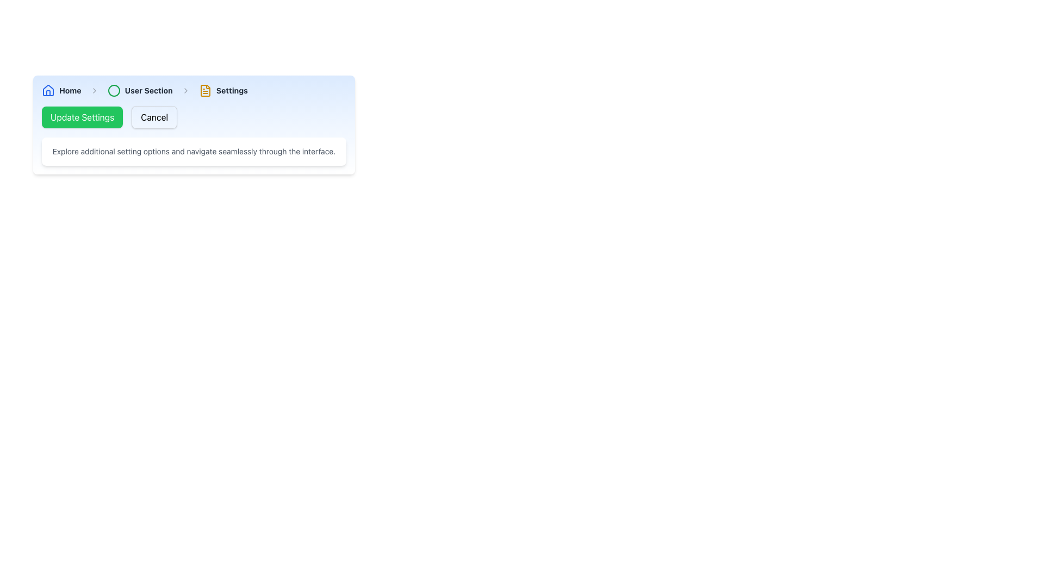 The width and height of the screenshot is (1044, 587). Describe the element at coordinates (114, 90) in the screenshot. I see `the status indicator icon for the 'User Section', which is positioned to the left of the 'User Section' text and between the 'Home' icon and the 'Settings' section` at that location.